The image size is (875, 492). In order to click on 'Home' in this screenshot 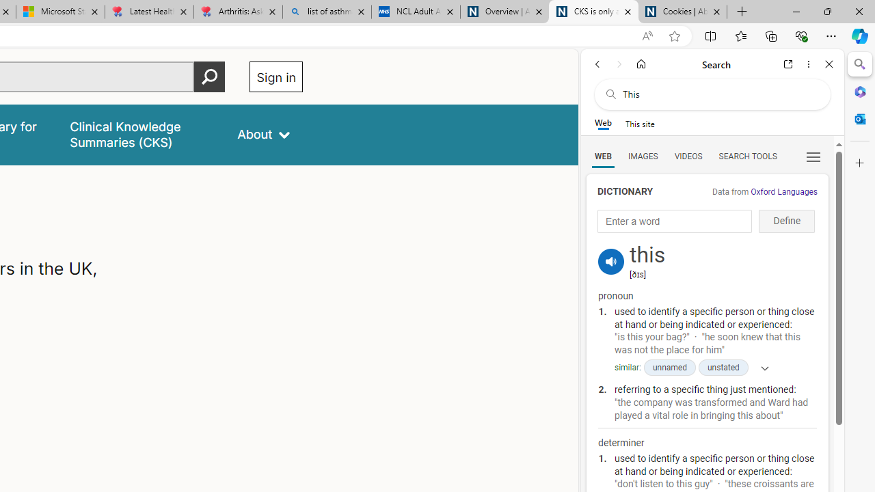, I will do `click(641, 64)`.